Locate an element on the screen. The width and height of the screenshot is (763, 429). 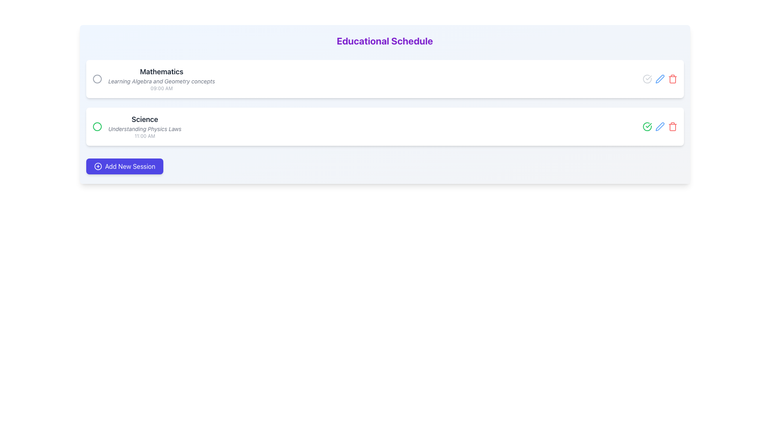
the text label indicating the scheduled time for a session, which is positioned beneath the subtitle 'Understanding Physics Laws' is located at coordinates (145, 136).